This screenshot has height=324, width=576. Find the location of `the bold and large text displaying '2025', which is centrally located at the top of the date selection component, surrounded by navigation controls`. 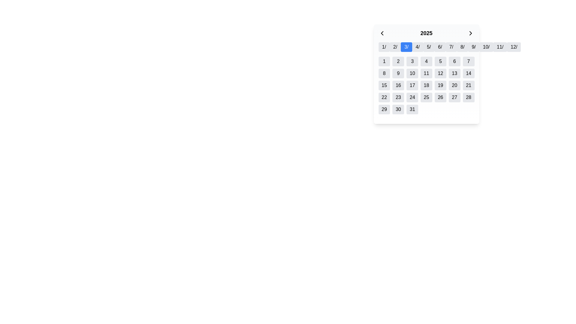

the bold and large text displaying '2025', which is centrally located at the top of the date selection component, surrounded by navigation controls is located at coordinates (426, 36).